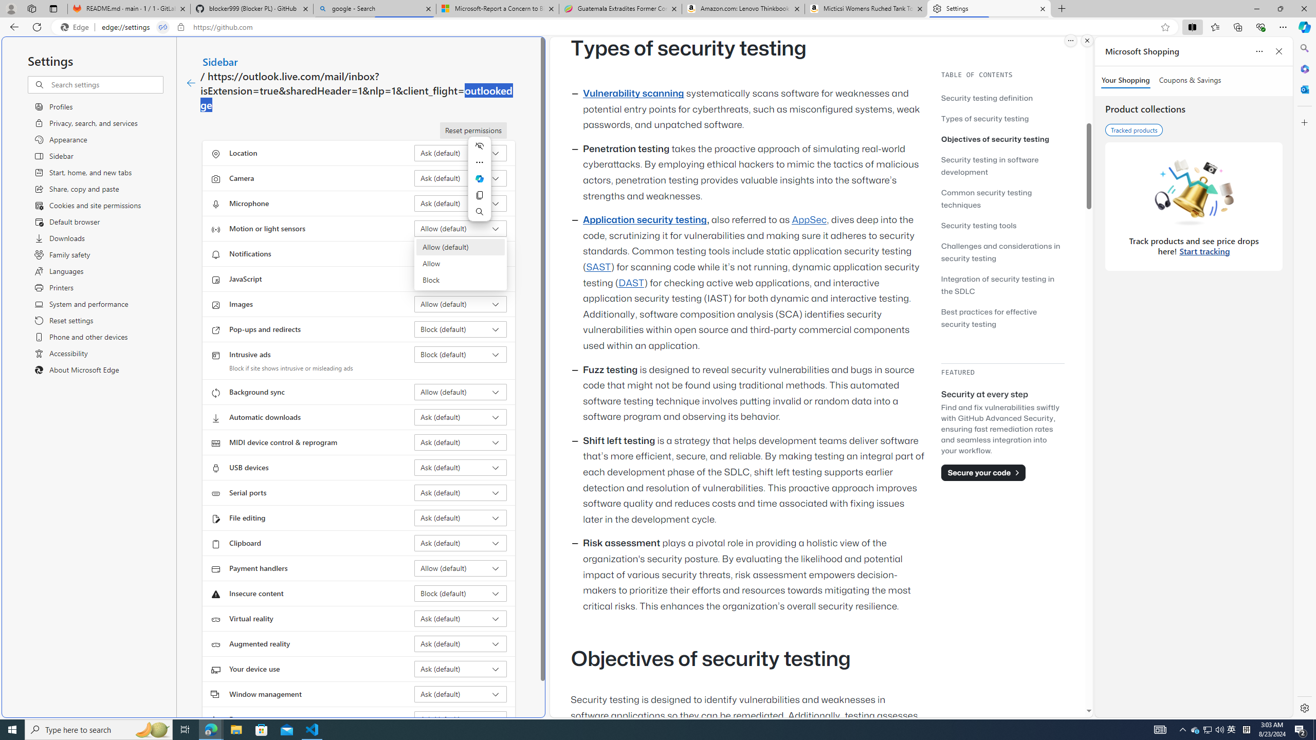 Image resolution: width=1316 pixels, height=740 pixels. Describe the element at coordinates (1002, 285) in the screenshot. I see `'Integration of security testing in the SDLC'` at that location.